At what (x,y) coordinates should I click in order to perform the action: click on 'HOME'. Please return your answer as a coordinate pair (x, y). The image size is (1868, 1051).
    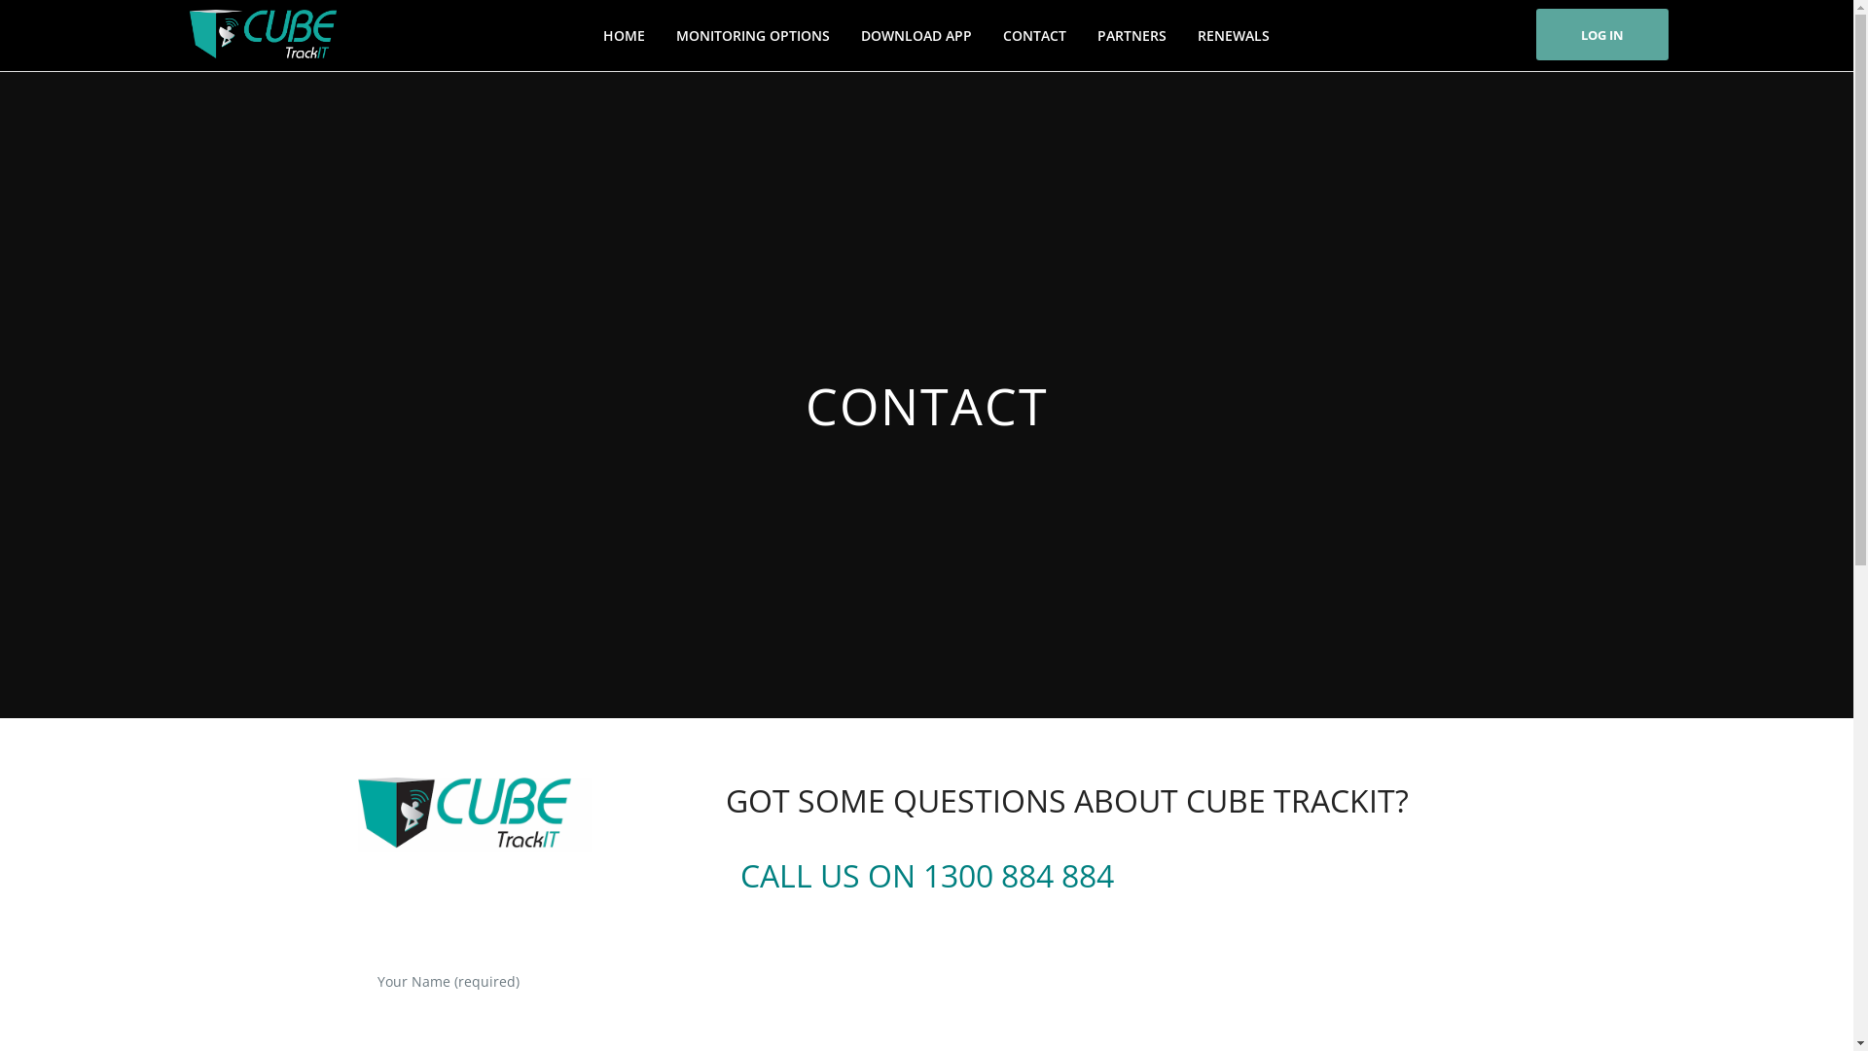
    Looking at the image, I should click on (588, 35).